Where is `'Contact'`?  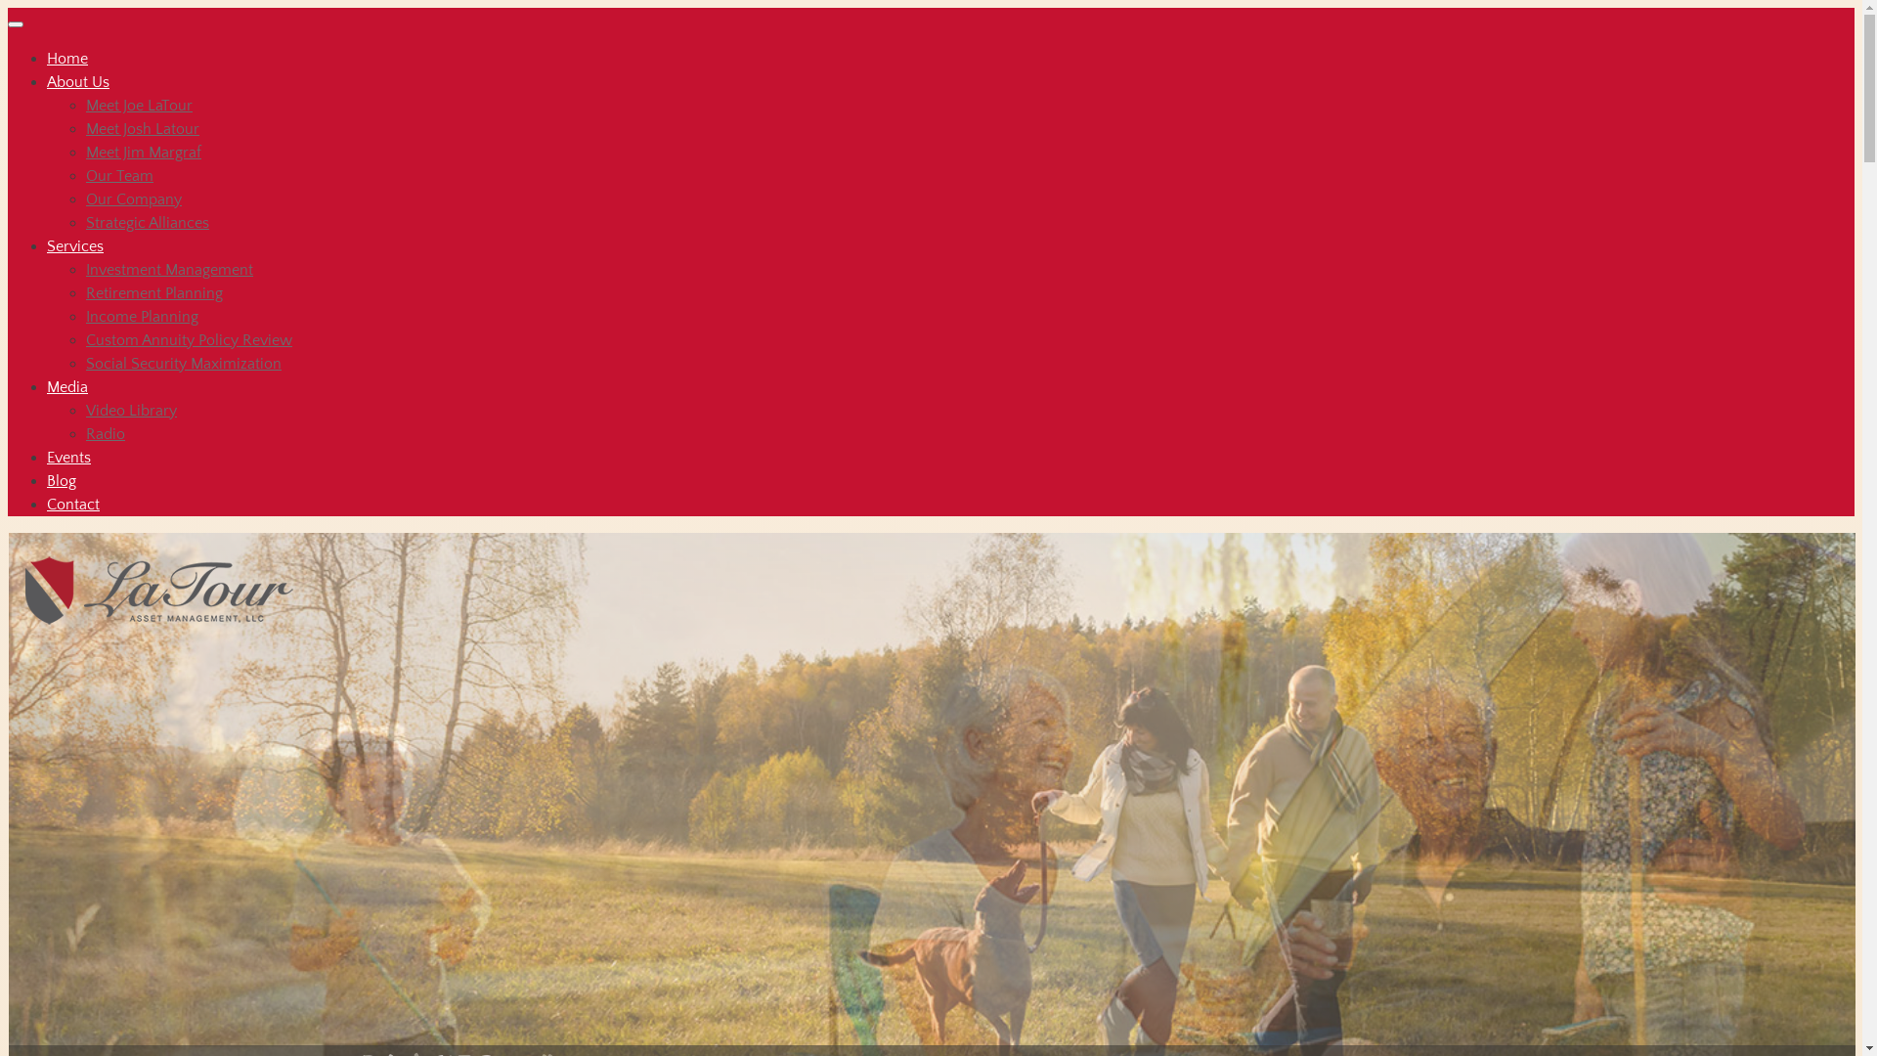
'Contact' is located at coordinates (73, 504).